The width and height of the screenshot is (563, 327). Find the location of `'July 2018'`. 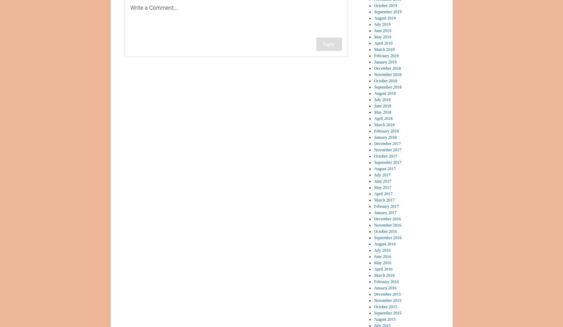

'July 2018' is located at coordinates (382, 99).